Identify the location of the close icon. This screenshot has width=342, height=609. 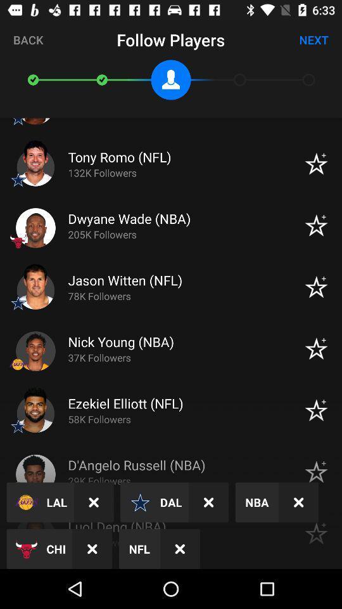
(91, 548).